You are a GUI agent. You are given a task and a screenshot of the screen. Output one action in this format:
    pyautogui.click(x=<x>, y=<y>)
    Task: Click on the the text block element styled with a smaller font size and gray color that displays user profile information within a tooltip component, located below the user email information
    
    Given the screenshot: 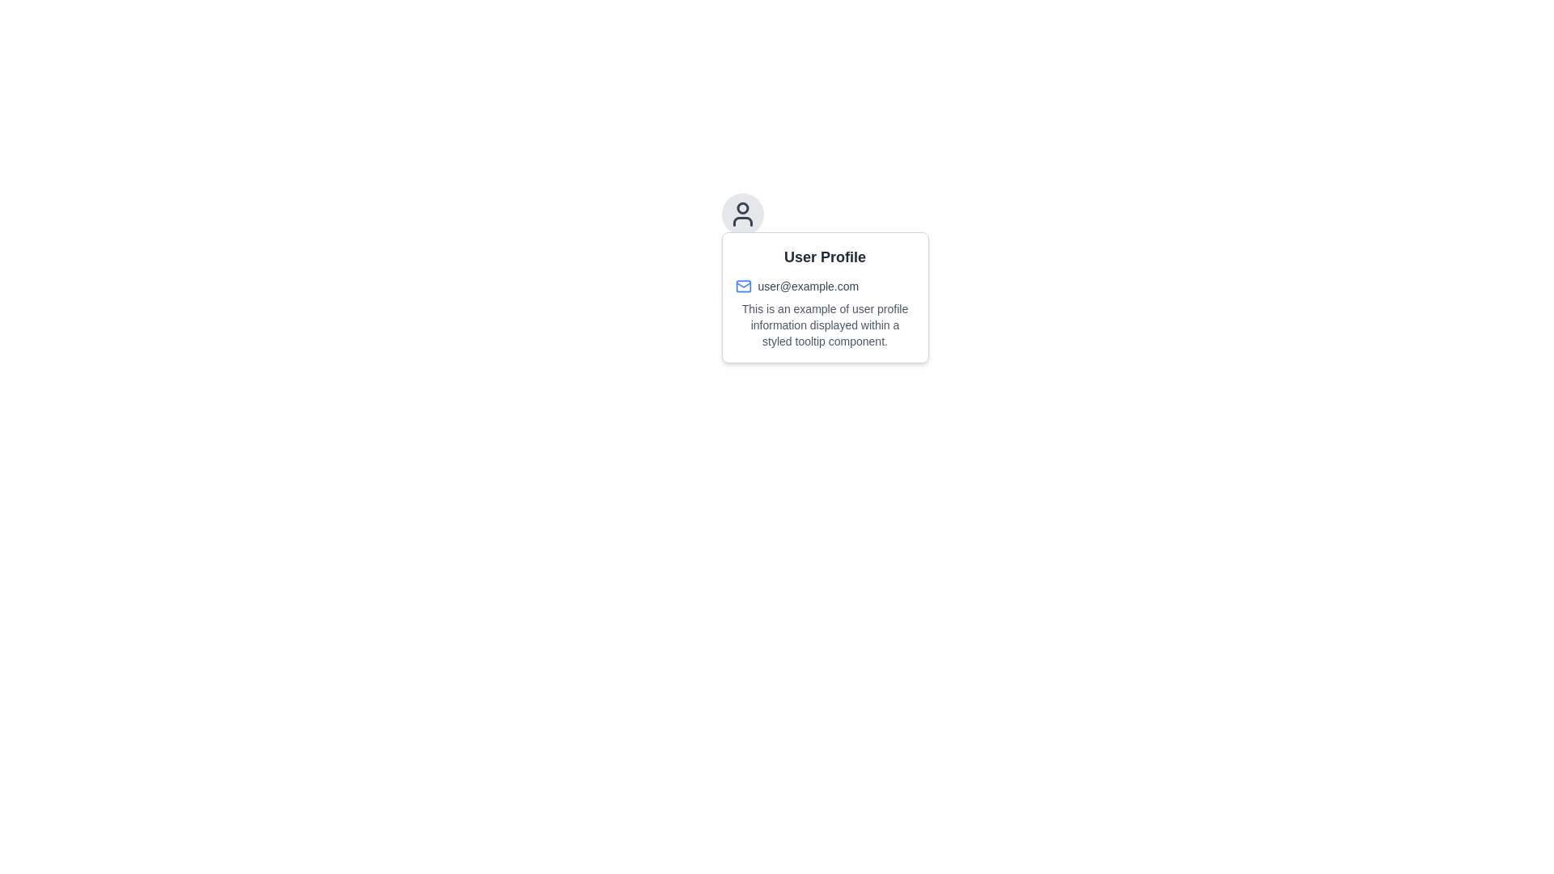 What is the action you would take?
    pyautogui.click(x=825, y=325)
    